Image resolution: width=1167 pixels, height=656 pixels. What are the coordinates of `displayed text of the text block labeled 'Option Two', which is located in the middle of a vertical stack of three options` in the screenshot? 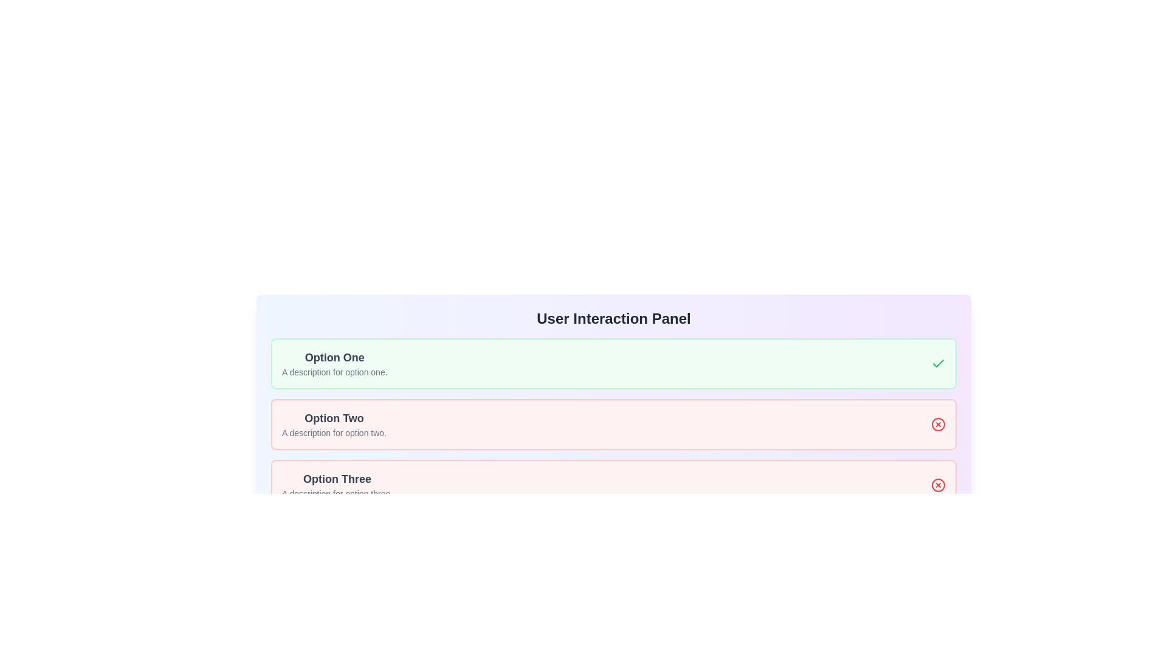 It's located at (334, 423).